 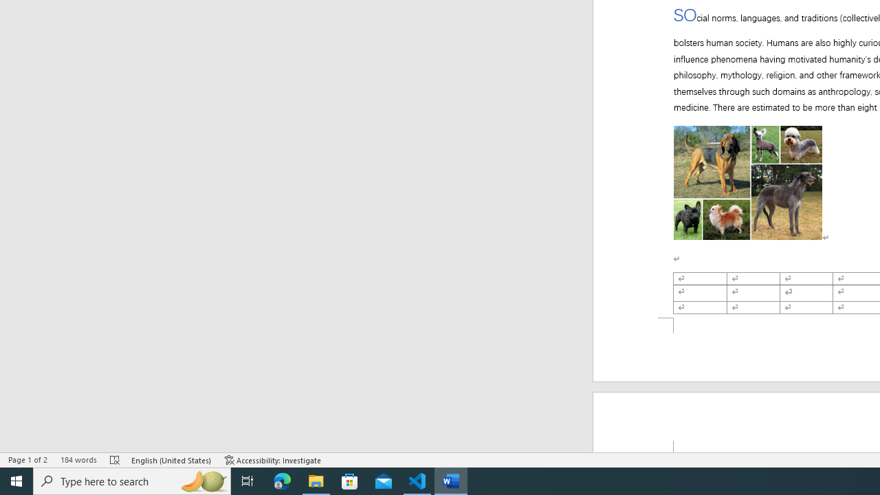 I want to click on 'Page Number Page 1 of 2', so click(x=27, y=460).